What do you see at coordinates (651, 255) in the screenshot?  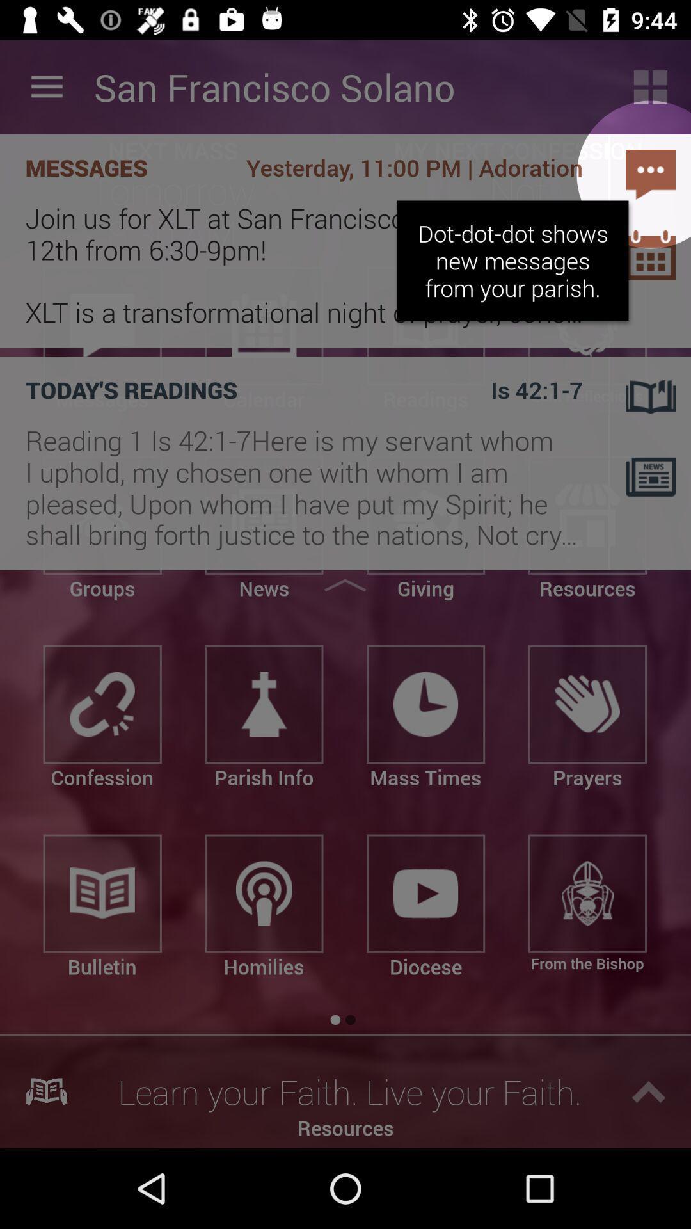 I see `the date_range icon` at bounding box center [651, 255].